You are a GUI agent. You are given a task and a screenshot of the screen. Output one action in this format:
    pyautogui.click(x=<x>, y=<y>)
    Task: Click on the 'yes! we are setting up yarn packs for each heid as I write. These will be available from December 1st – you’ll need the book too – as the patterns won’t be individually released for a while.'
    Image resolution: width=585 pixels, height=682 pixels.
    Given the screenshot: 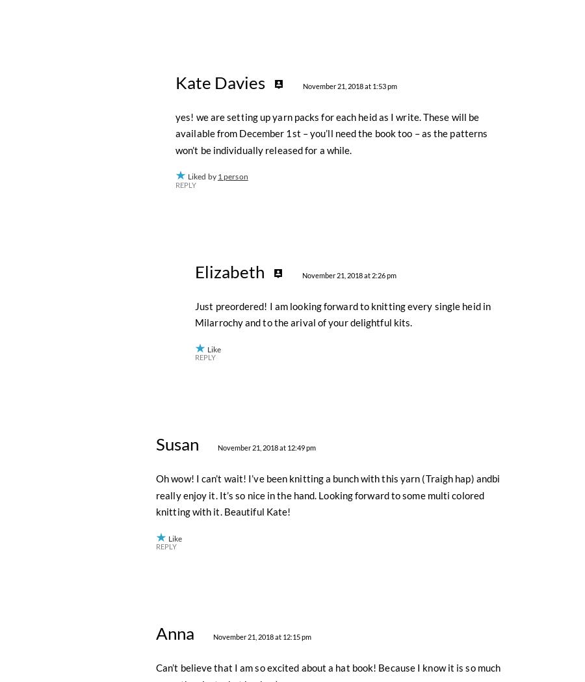 What is the action you would take?
    pyautogui.click(x=331, y=419)
    